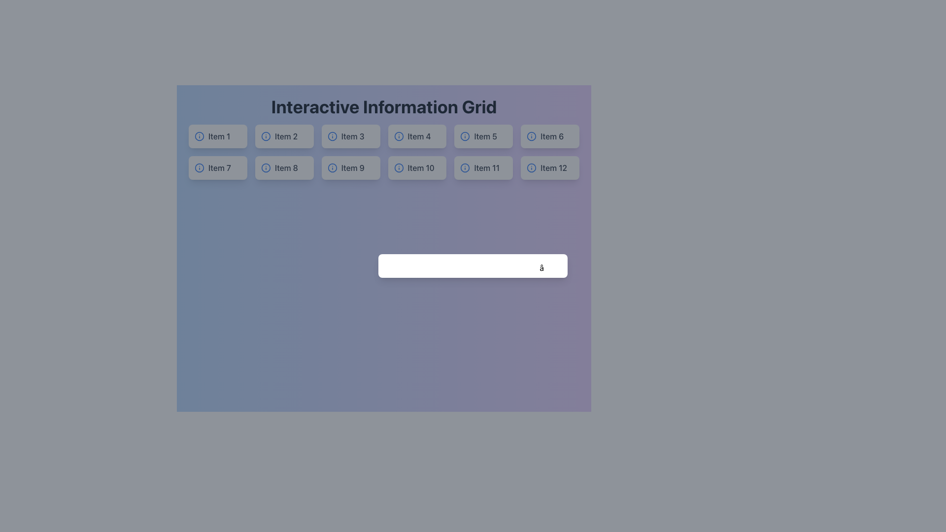 The width and height of the screenshot is (946, 532). Describe the element at coordinates (549, 167) in the screenshot. I see `the interactive button located at the bottom-right corner of the grid, which provides additional information or actions related to 'Item 12'` at that location.